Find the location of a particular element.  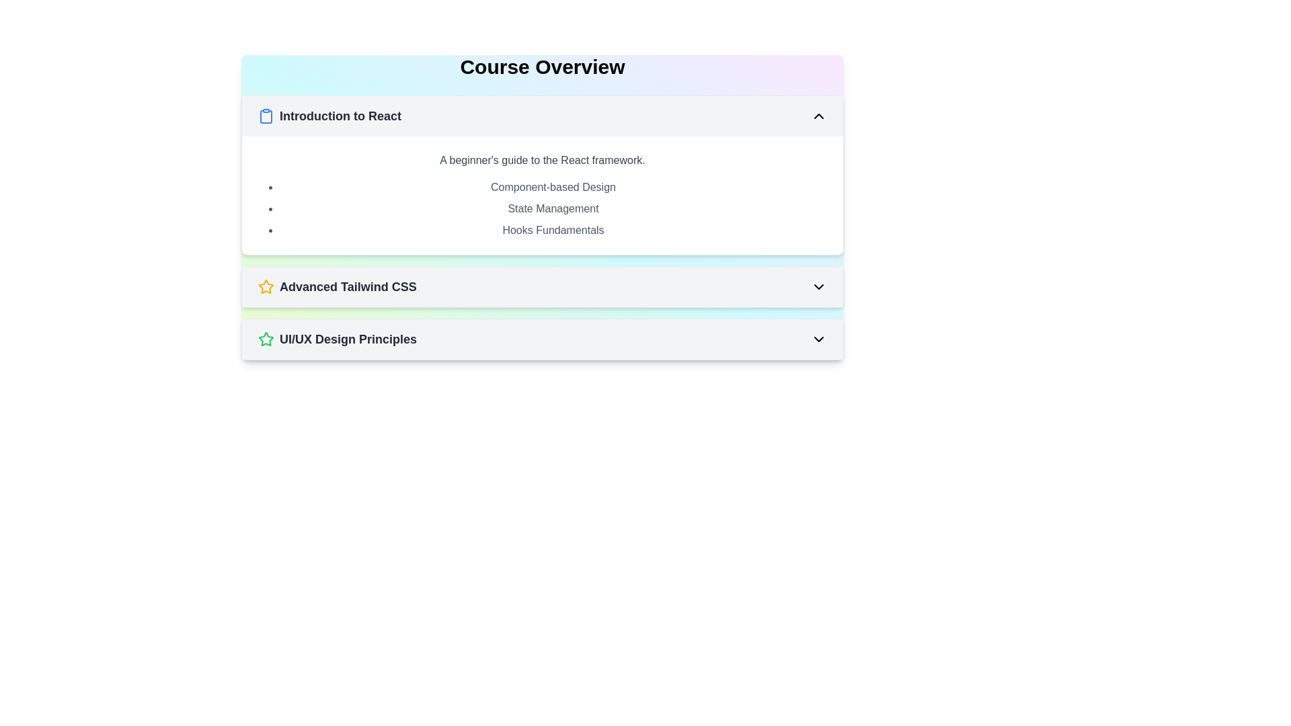

the interactive icon at the far right of the 'UI/UX Design Principles' section is located at coordinates (818, 339).